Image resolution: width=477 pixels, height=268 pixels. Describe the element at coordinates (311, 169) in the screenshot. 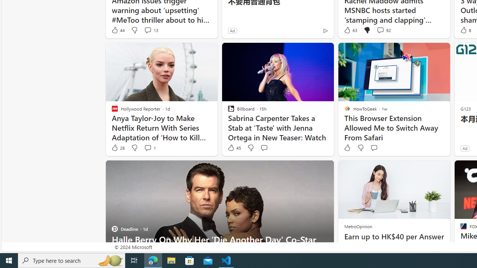

I see `'Hide this story'` at that location.